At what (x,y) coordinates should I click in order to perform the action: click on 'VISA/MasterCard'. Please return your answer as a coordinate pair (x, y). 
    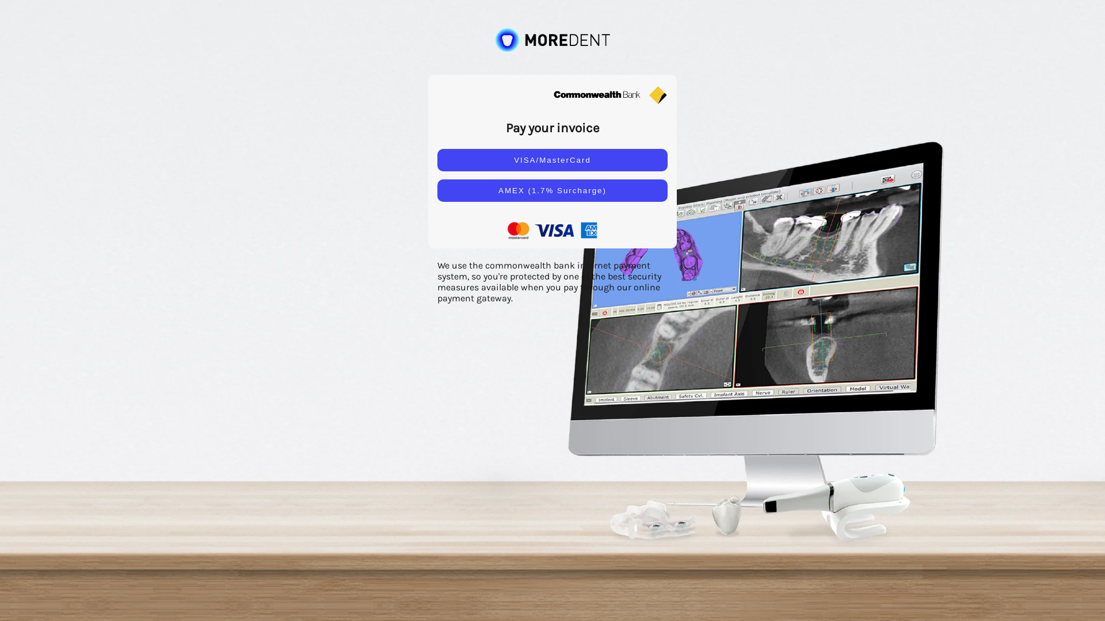
    Looking at the image, I should click on (552, 160).